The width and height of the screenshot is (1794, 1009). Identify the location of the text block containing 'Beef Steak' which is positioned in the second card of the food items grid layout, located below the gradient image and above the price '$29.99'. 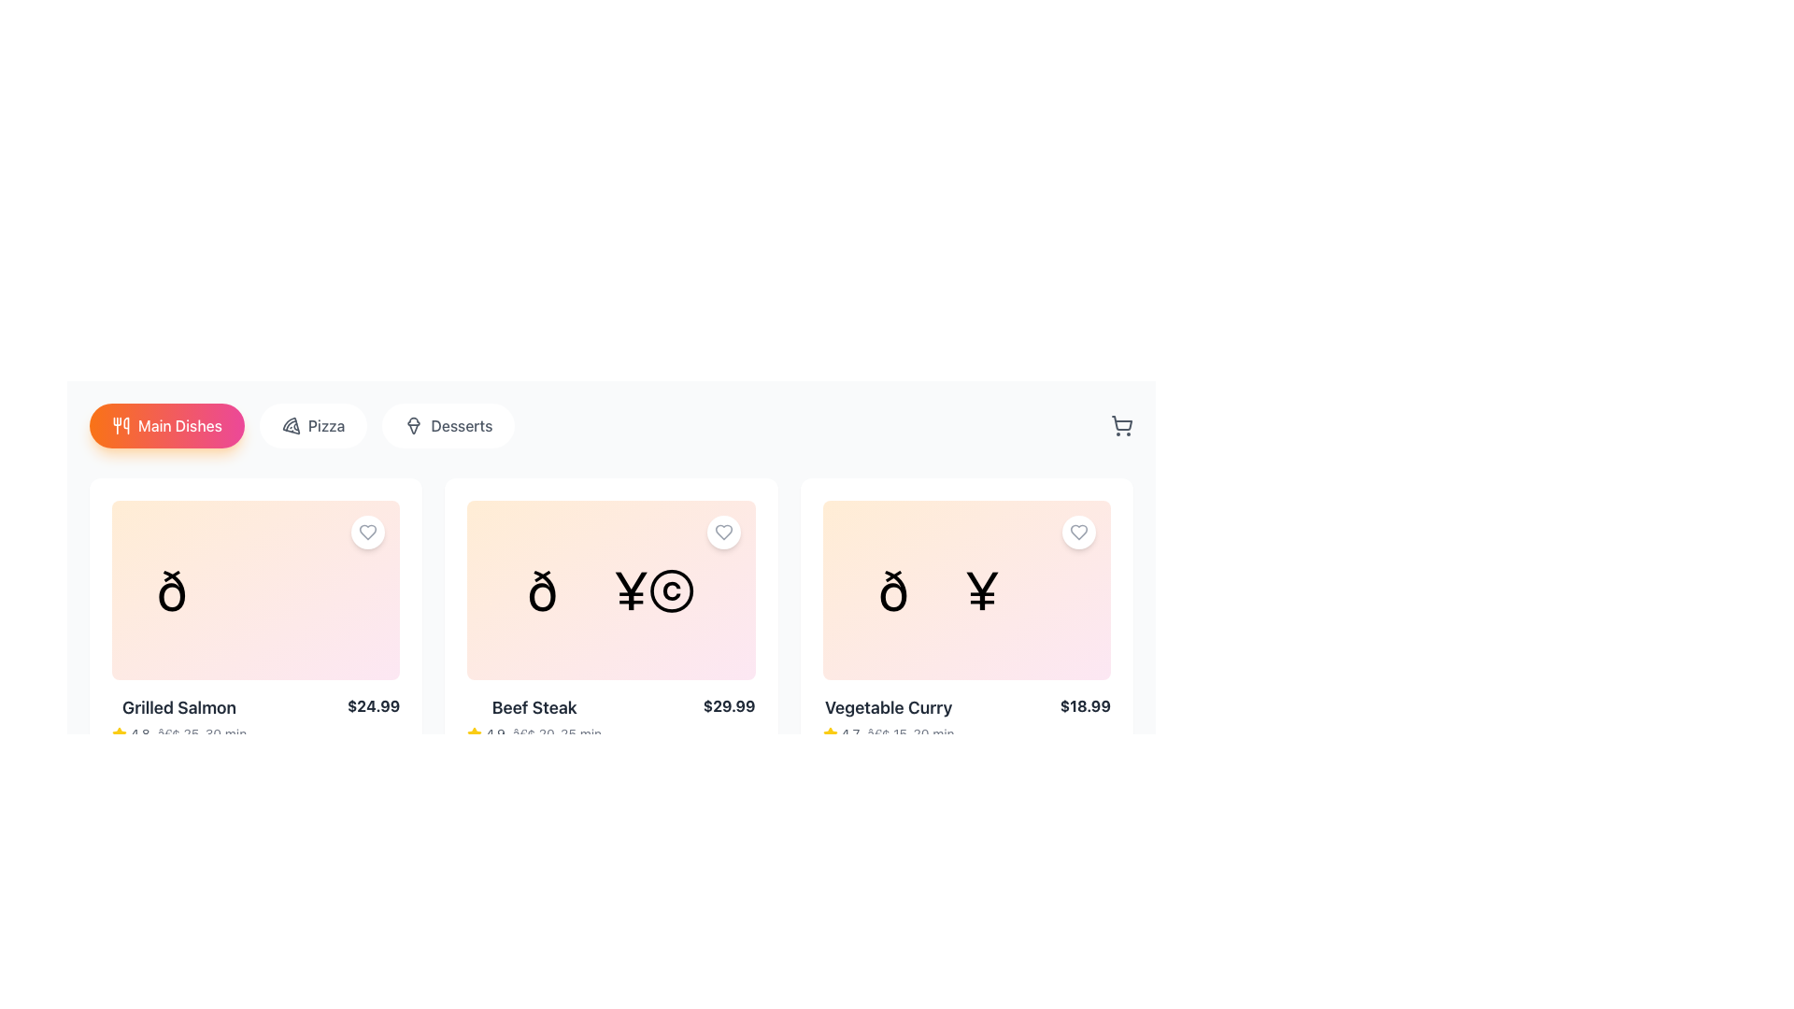
(534, 718).